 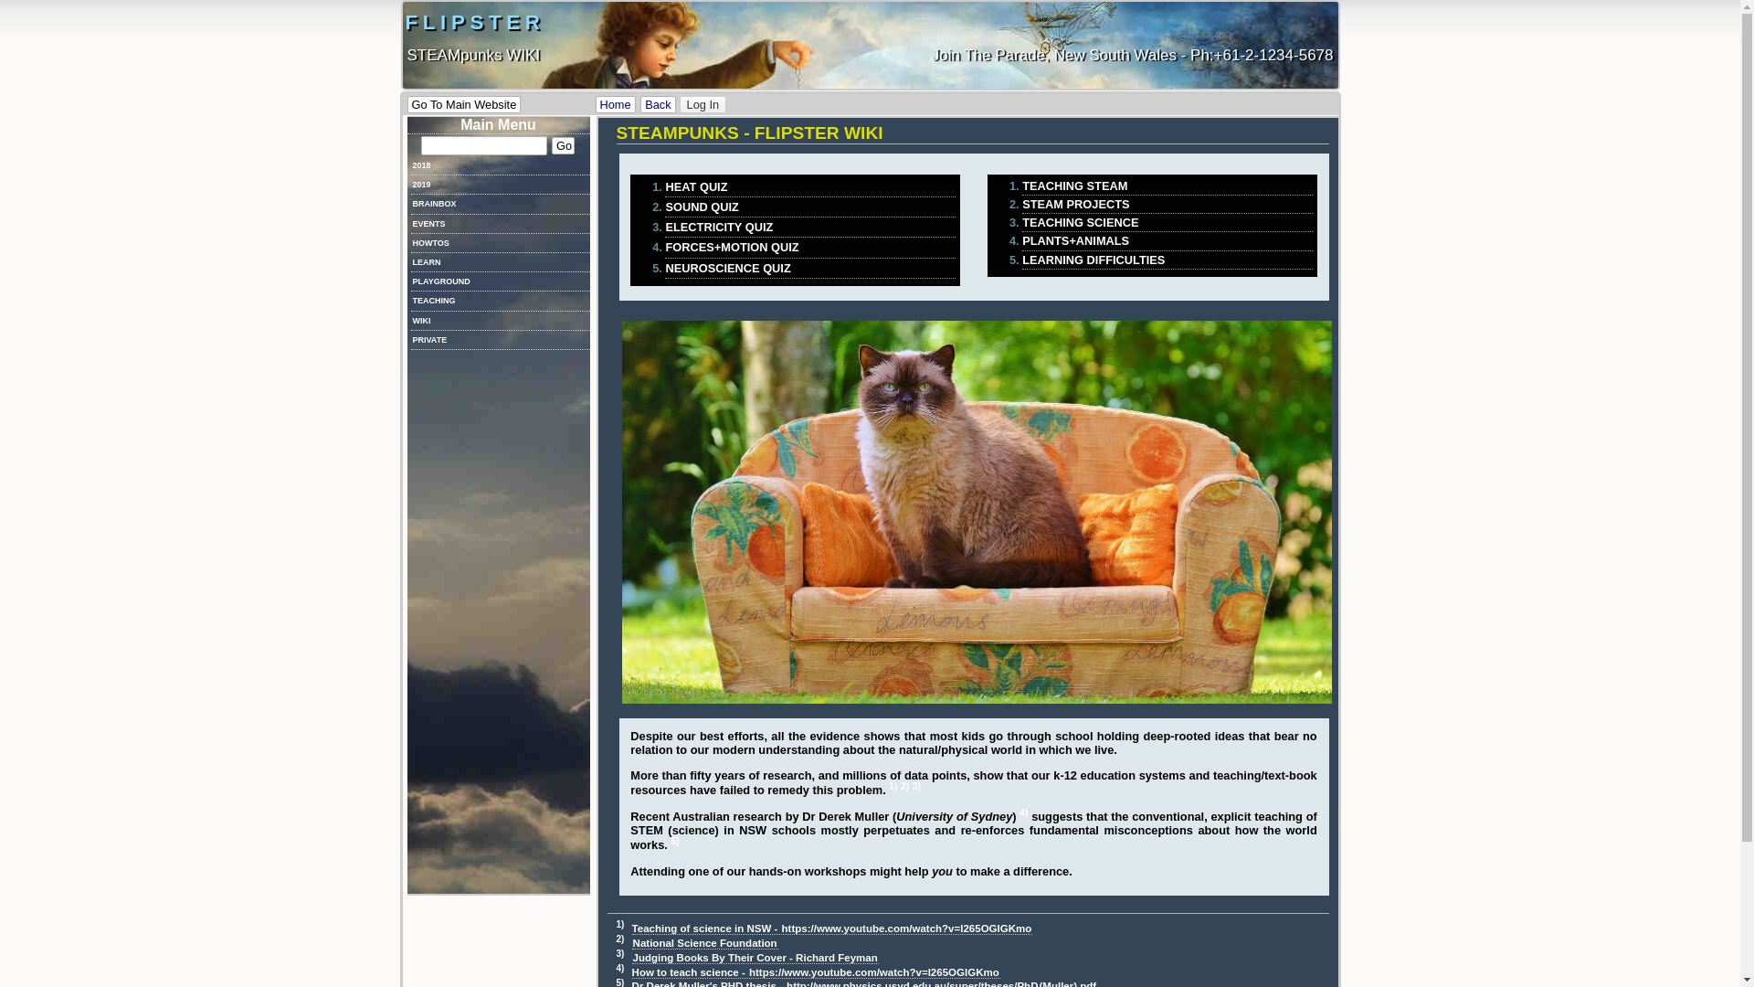 I want to click on 'Back', so click(x=658, y=104).